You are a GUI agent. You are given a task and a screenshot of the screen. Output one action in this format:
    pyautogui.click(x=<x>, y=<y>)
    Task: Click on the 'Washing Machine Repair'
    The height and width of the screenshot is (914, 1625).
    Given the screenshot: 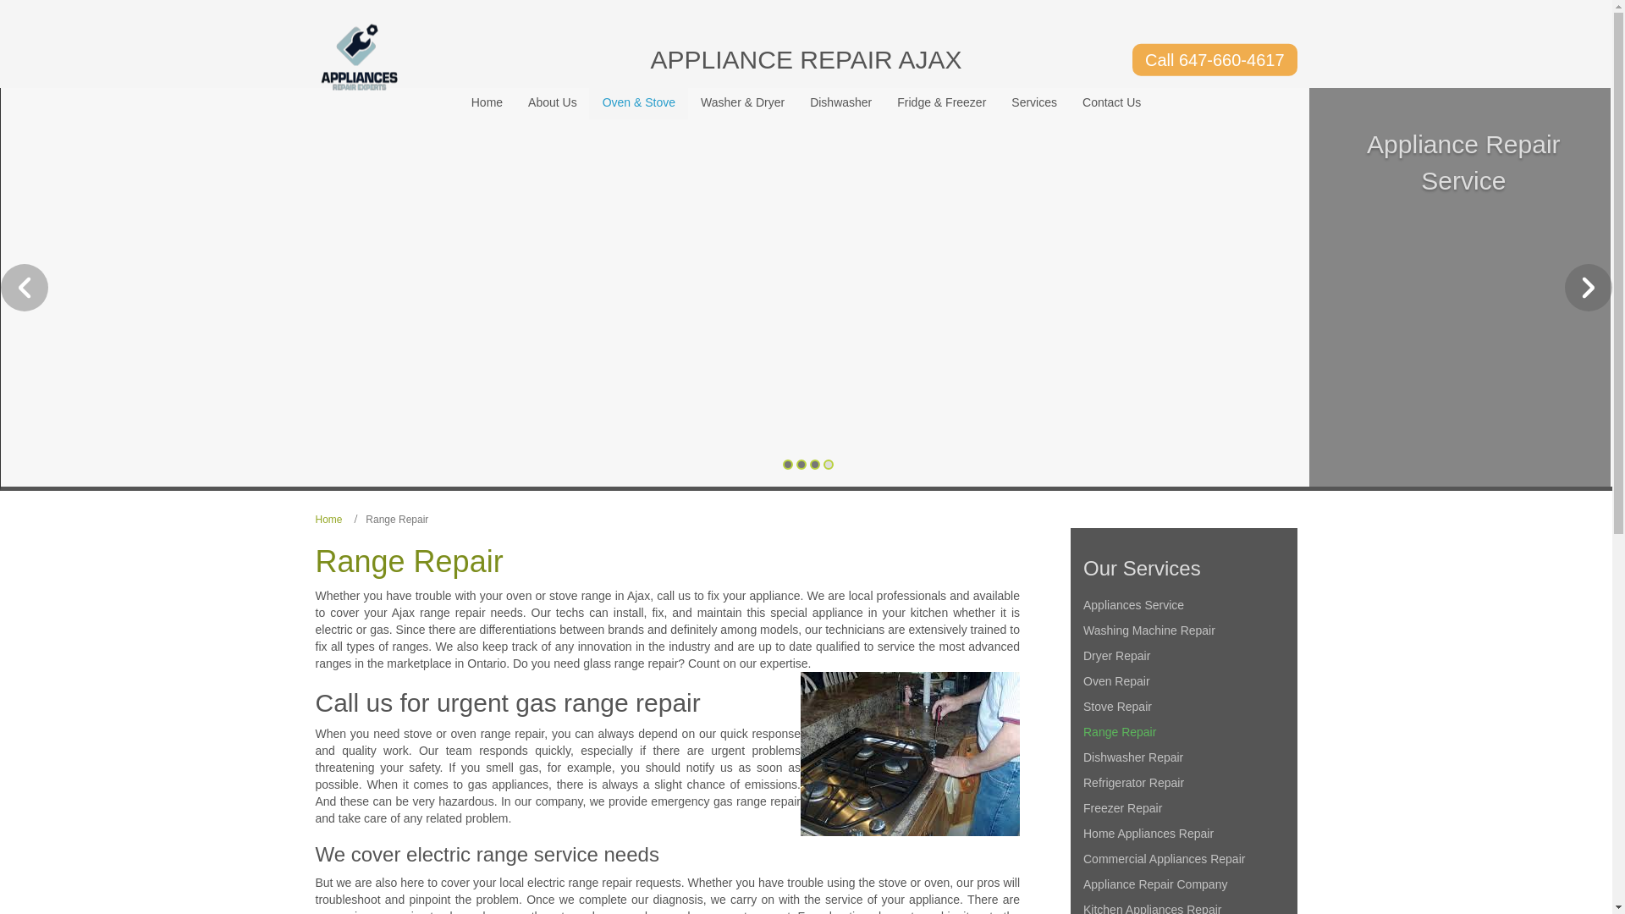 What is the action you would take?
    pyautogui.click(x=1182, y=630)
    